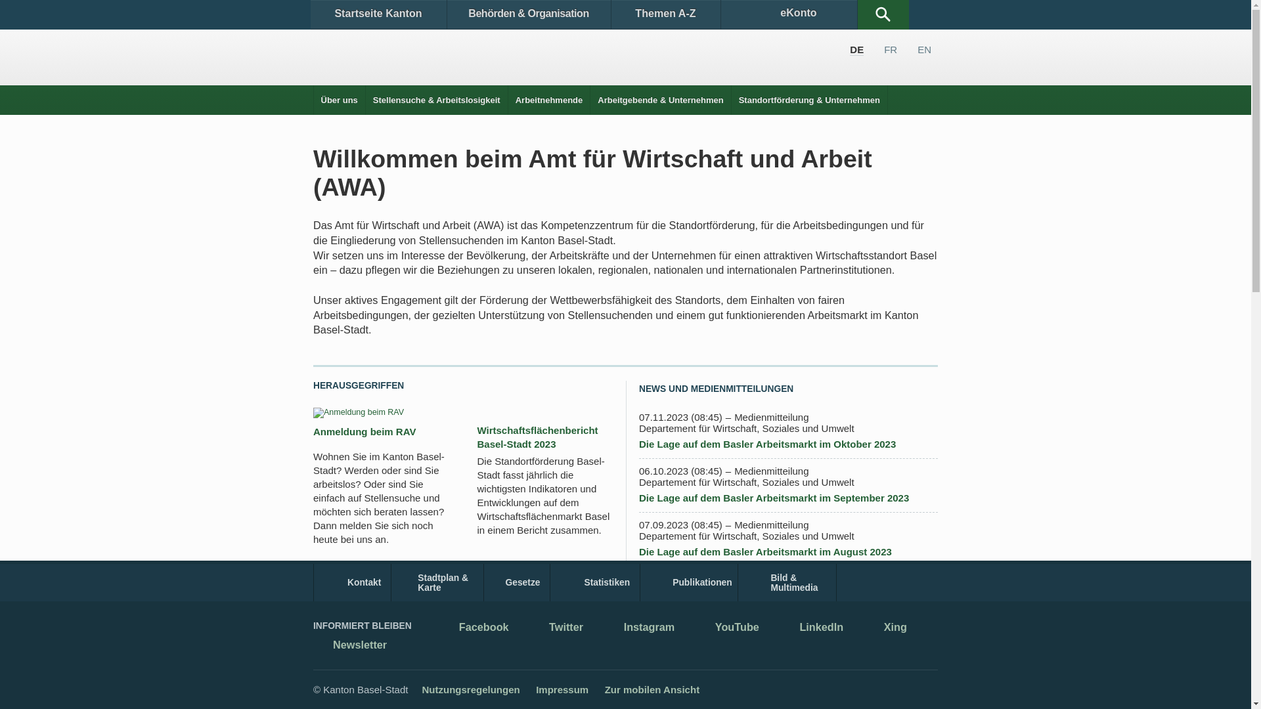  What do you see at coordinates (473, 627) in the screenshot?
I see `'Facebook'` at bounding box center [473, 627].